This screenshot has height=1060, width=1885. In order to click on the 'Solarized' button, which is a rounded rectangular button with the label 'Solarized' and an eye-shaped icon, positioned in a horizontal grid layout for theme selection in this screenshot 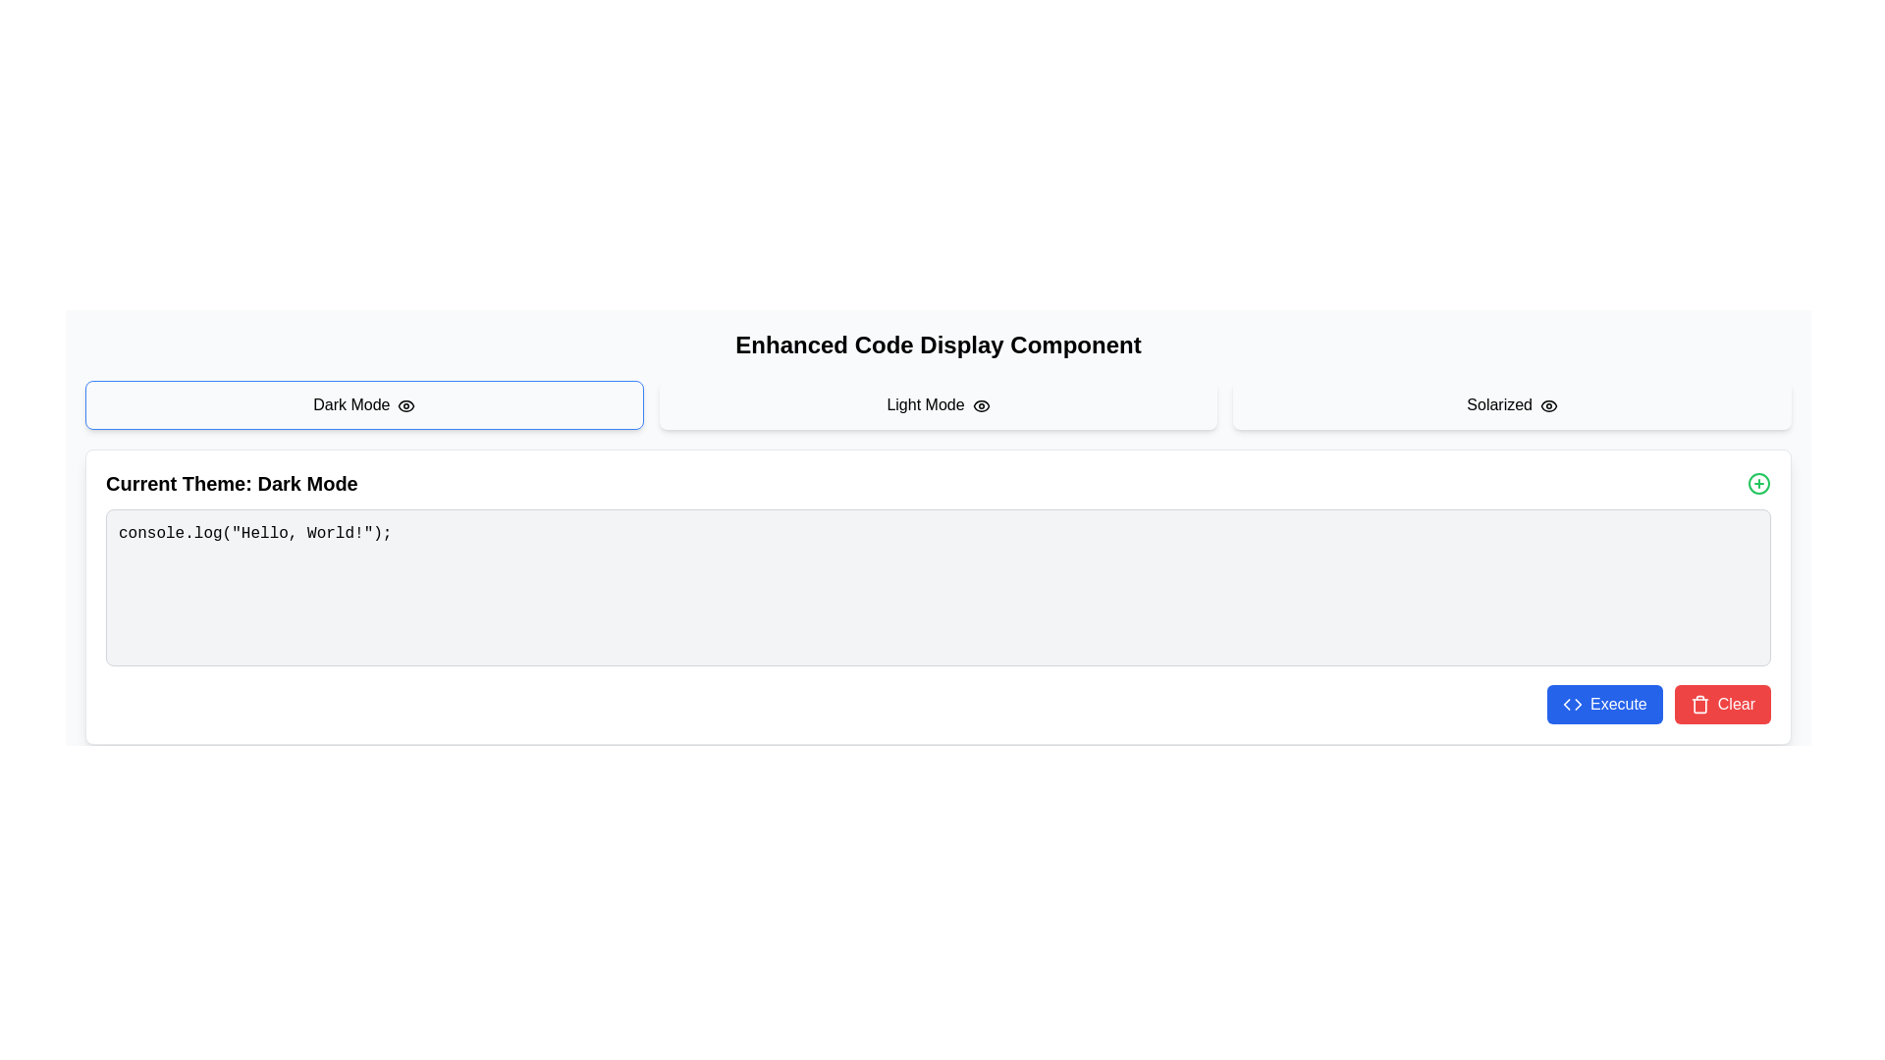, I will do `click(1511, 403)`.